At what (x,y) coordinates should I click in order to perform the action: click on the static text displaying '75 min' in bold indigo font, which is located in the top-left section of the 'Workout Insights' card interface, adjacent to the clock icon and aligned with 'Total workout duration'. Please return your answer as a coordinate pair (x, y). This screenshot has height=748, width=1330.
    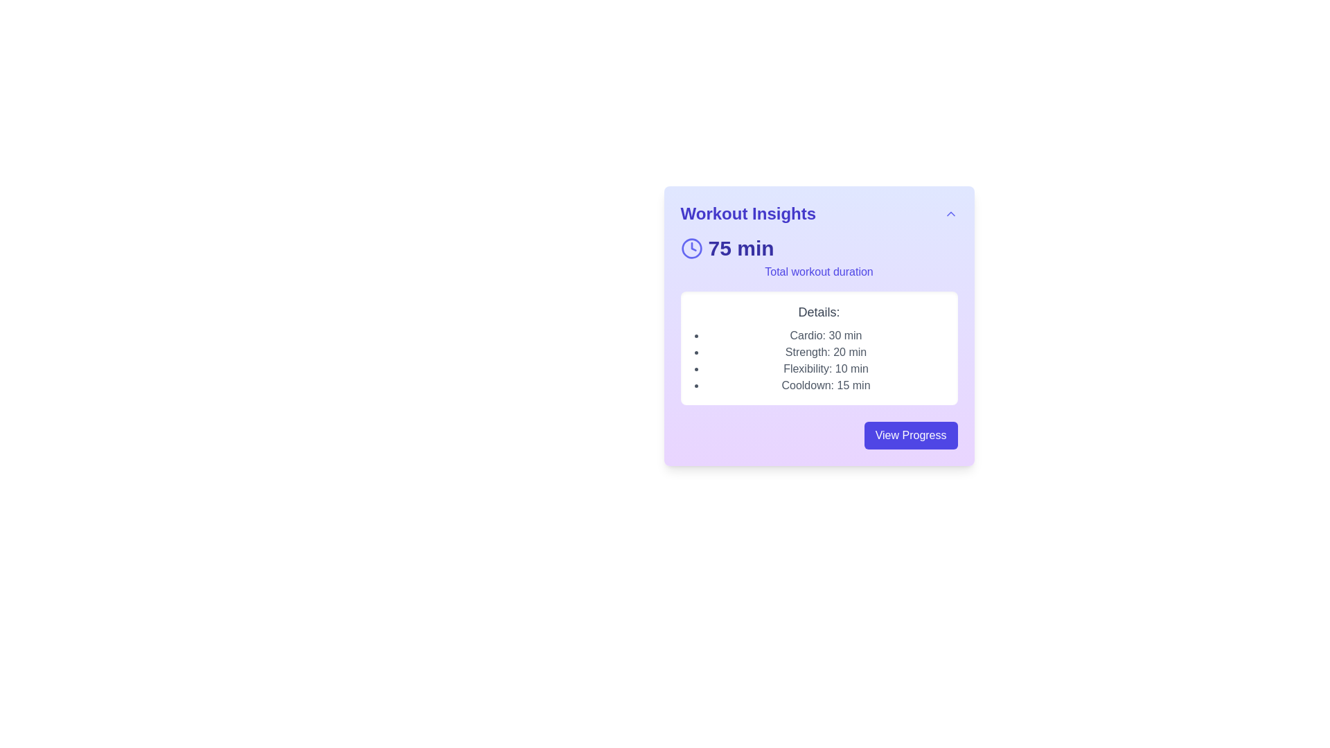
    Looking at the image, I should click on (741, 247).